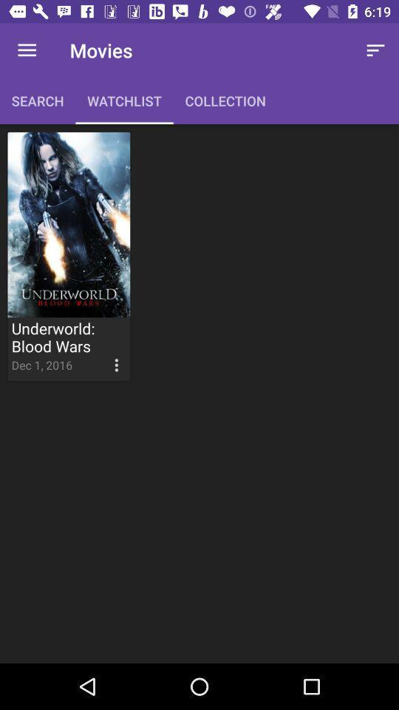 The image size is (399, 710). I want to click on icon at the top right corner, so click(375, 50).